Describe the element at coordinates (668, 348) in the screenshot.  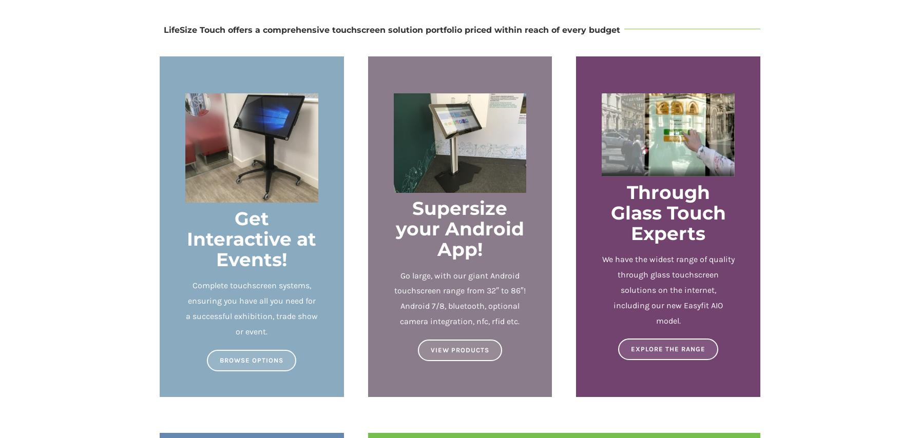
I see `'EXPLORE THE RANGE'` at that location.